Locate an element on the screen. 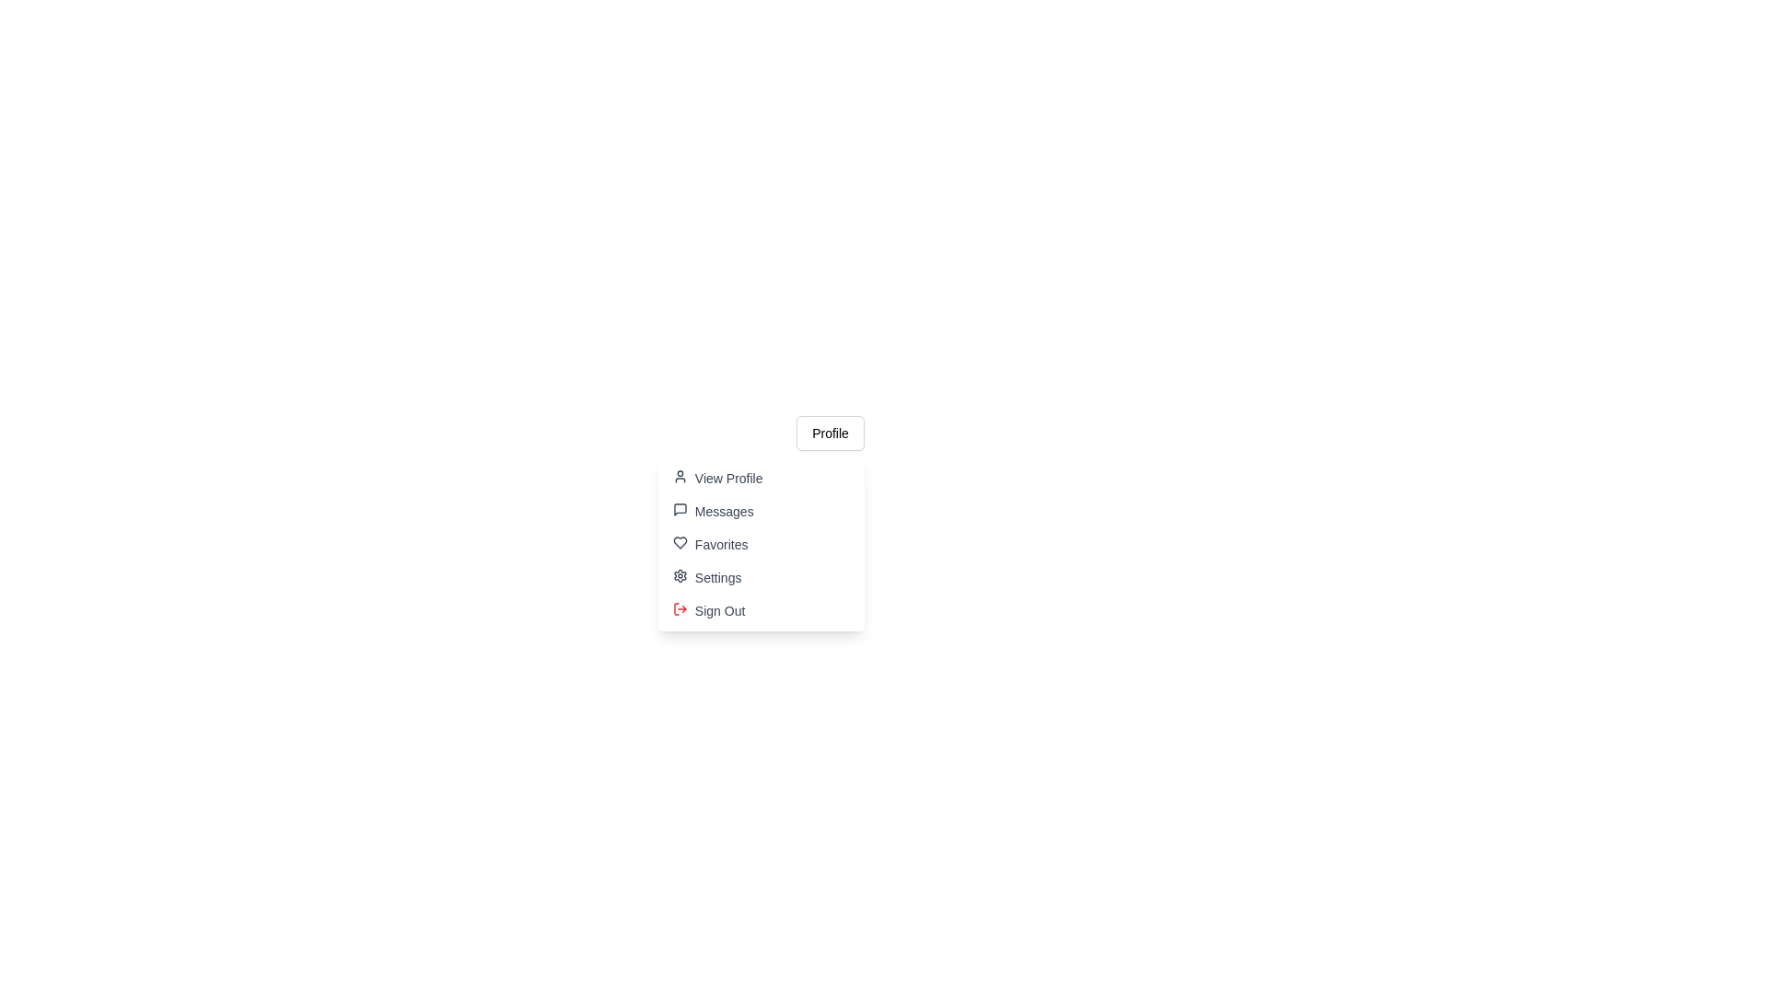 The width and height of the screenshot is (1768, 994). the button positioned fourth in the vertical menu list that navigates to the settings page is located at coordinates (761, 577).